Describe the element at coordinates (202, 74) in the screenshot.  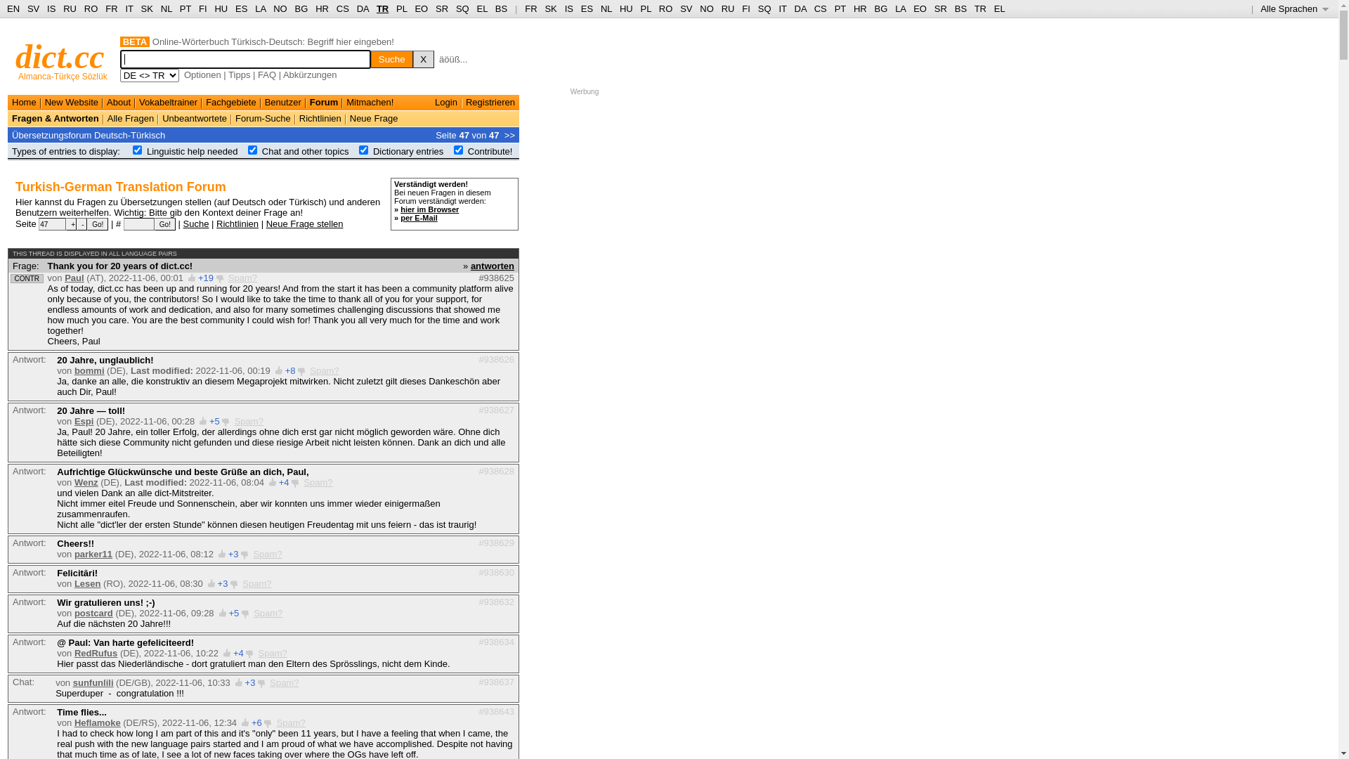
I see `'Optionen'` at that location.